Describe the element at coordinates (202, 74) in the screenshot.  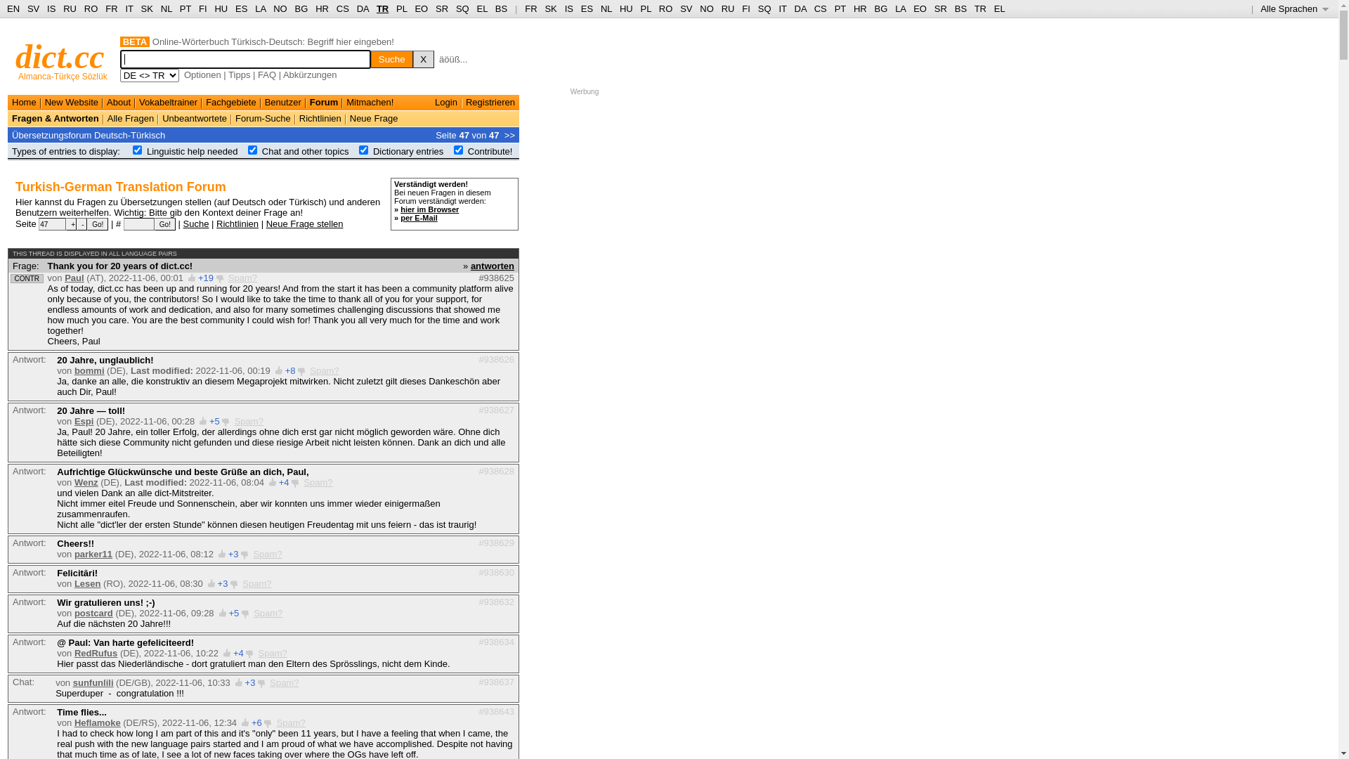
I see `'Optionen'` at that location.